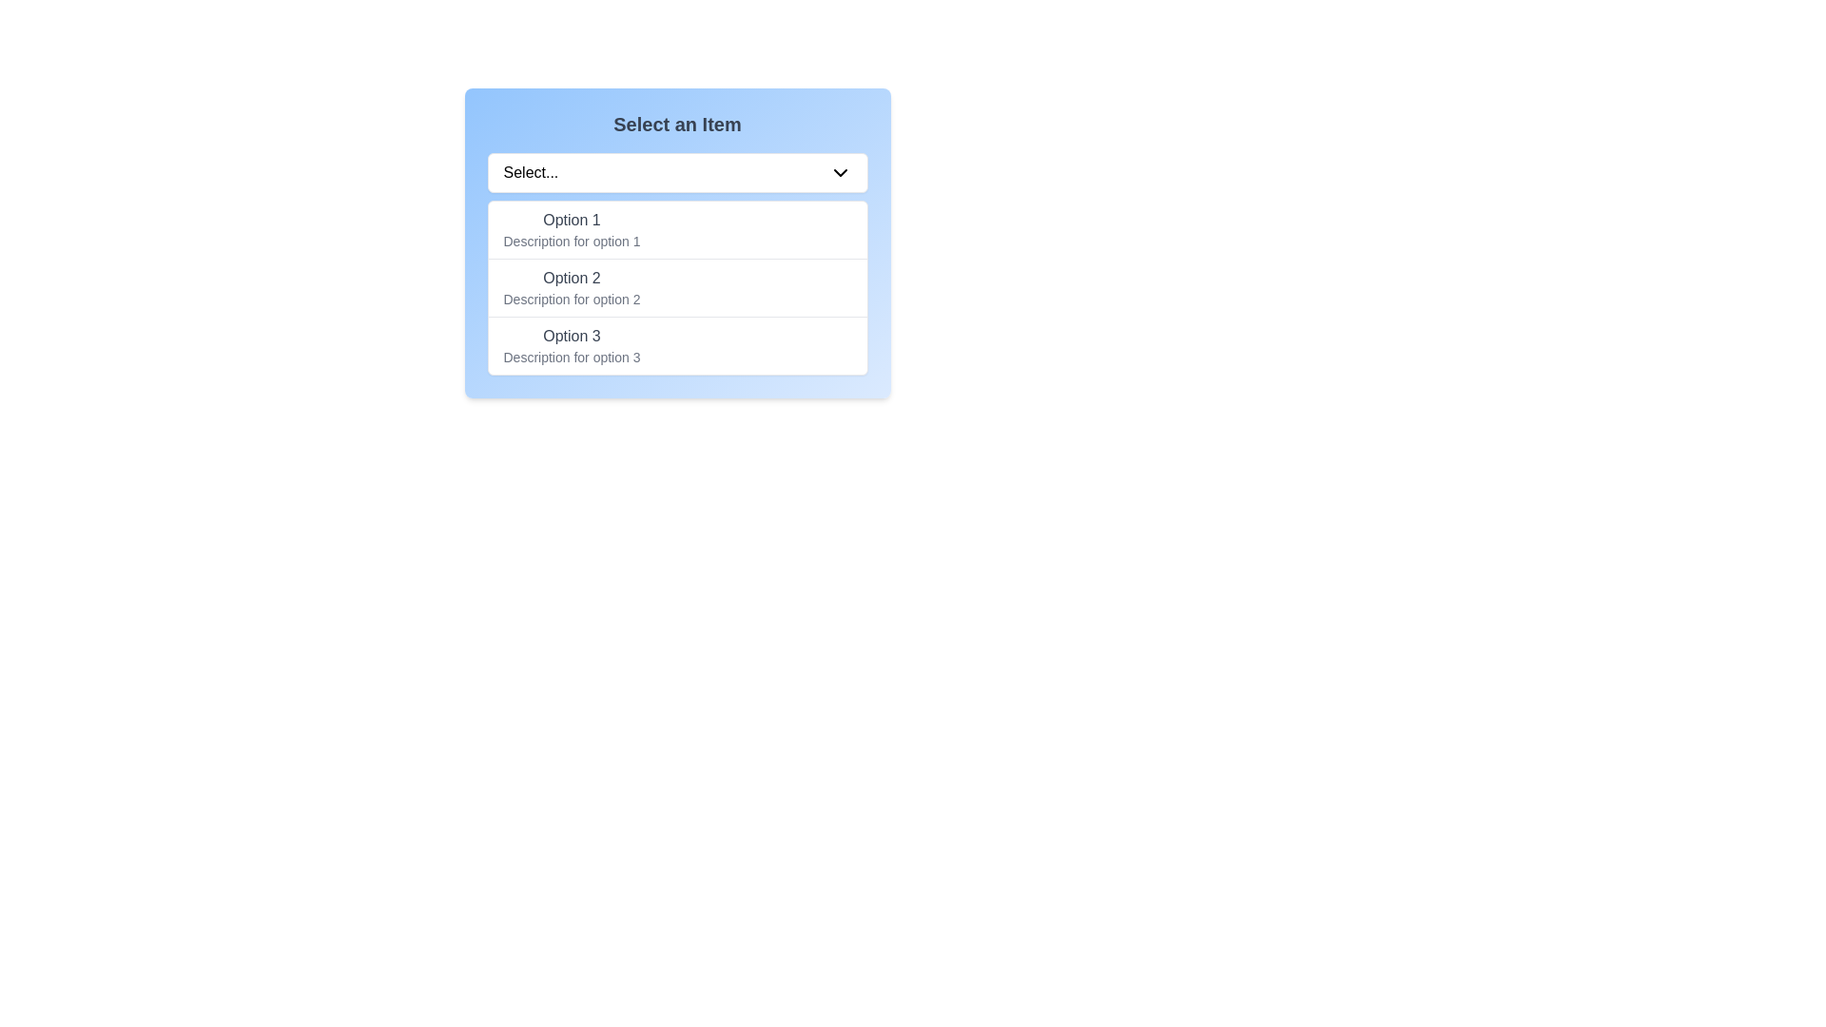 This screenshot has height=1027, width=1826. I want to click on text from the first selectable option's label located in the dropdown interface, positioned above its description and adjacent to other options, so click(571, 219).